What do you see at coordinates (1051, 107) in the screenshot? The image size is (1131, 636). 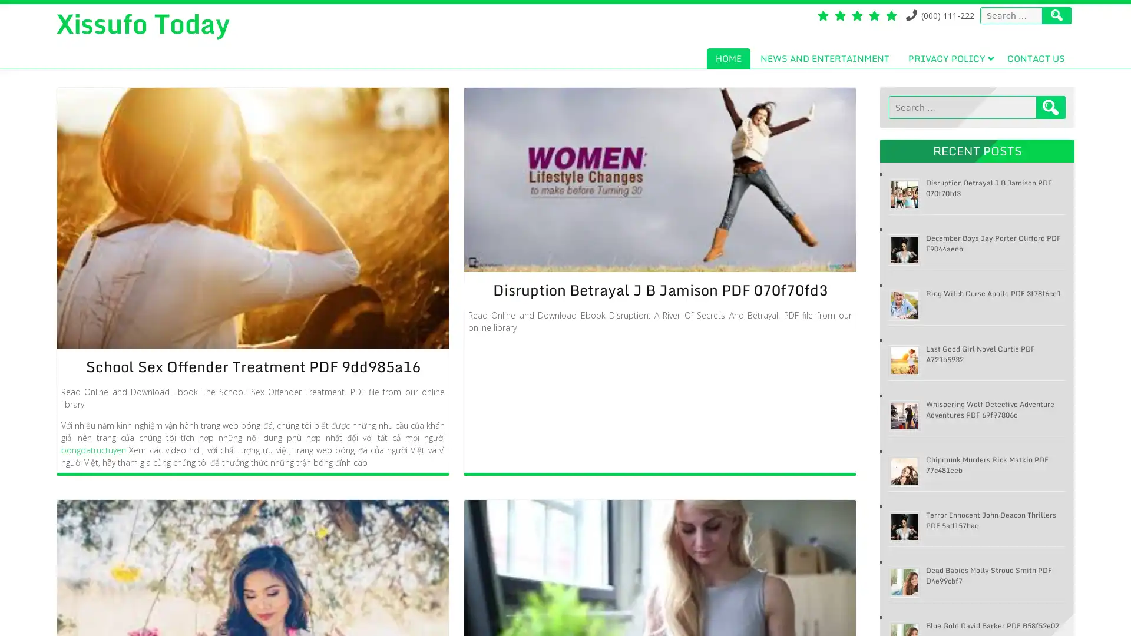 I see `Search` at bounding box center [1051, 107].